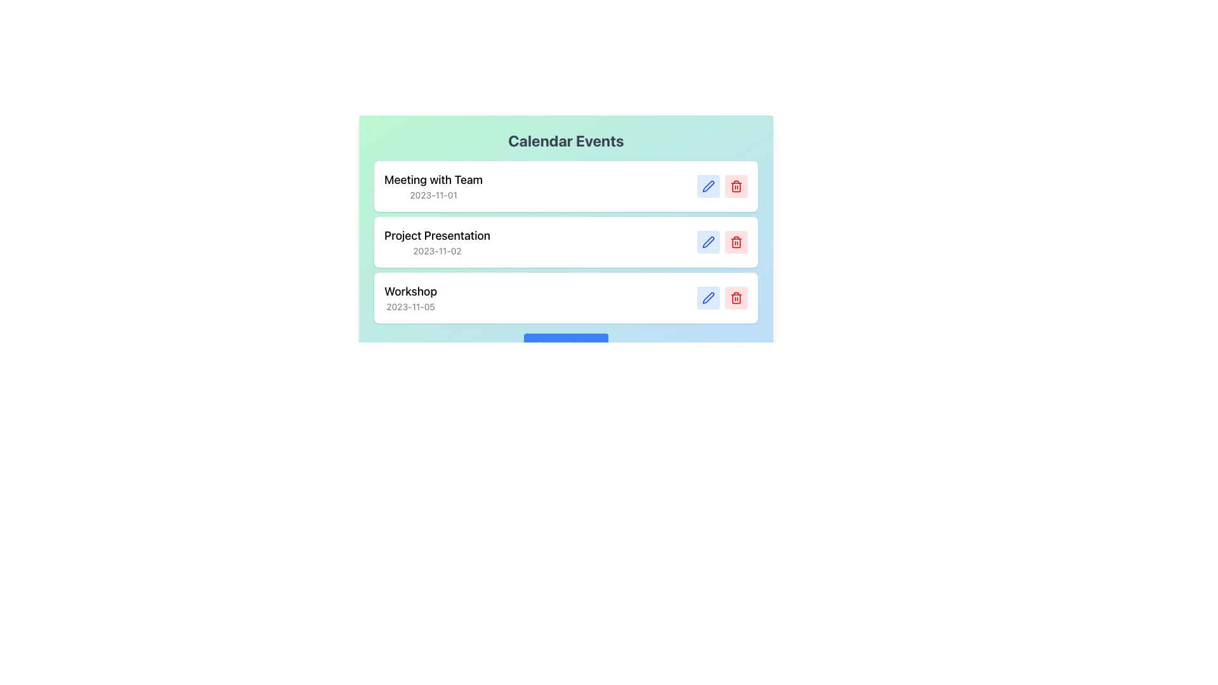 This screenshot has height=685, width=1218. What do you see at coordinates (565, 298) in the screenshot?
I see `event title and date of the calendar event entry titled 'Workshop' scheduled for '2023-11-05', which is the third item in the list of calendar events` at bounding box center [565, 298].